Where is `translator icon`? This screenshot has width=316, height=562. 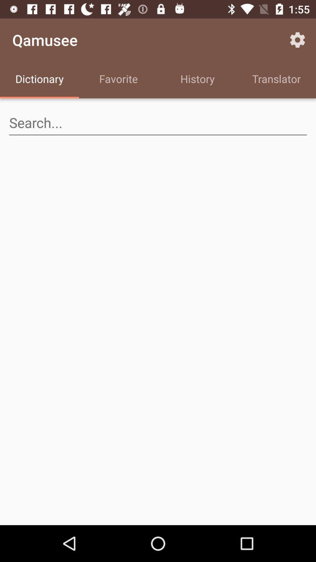 translator icon is located at coordinates (276, 80).